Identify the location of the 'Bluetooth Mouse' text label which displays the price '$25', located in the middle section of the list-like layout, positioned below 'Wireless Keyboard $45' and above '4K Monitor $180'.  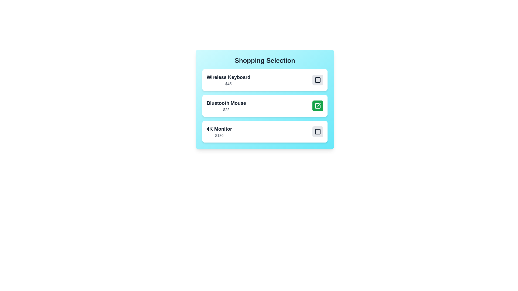
(226, 106).